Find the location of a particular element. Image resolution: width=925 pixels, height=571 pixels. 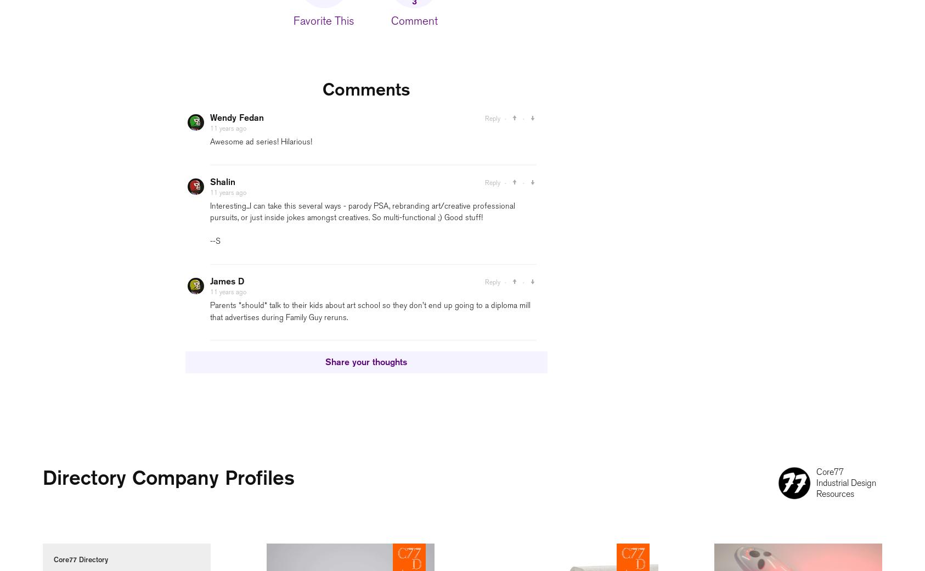

'Comments' is located at coordinates (365, 89).